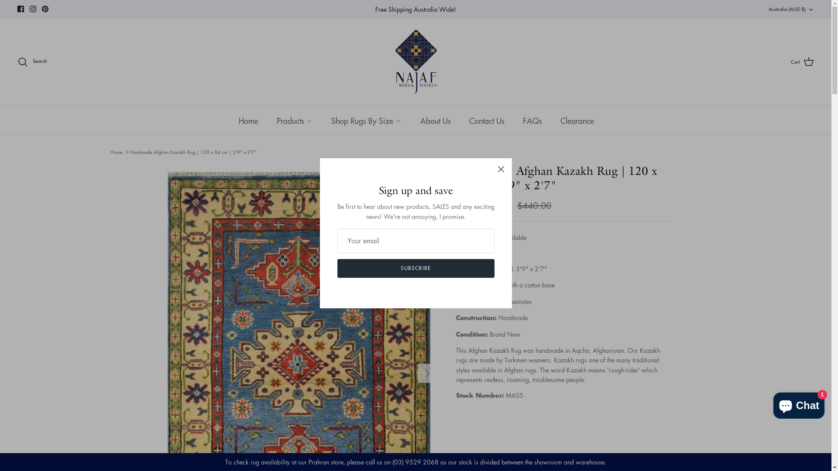 The image size is (838, 471). I want to click on 'SUBSCRIBE', so click(415, 268).